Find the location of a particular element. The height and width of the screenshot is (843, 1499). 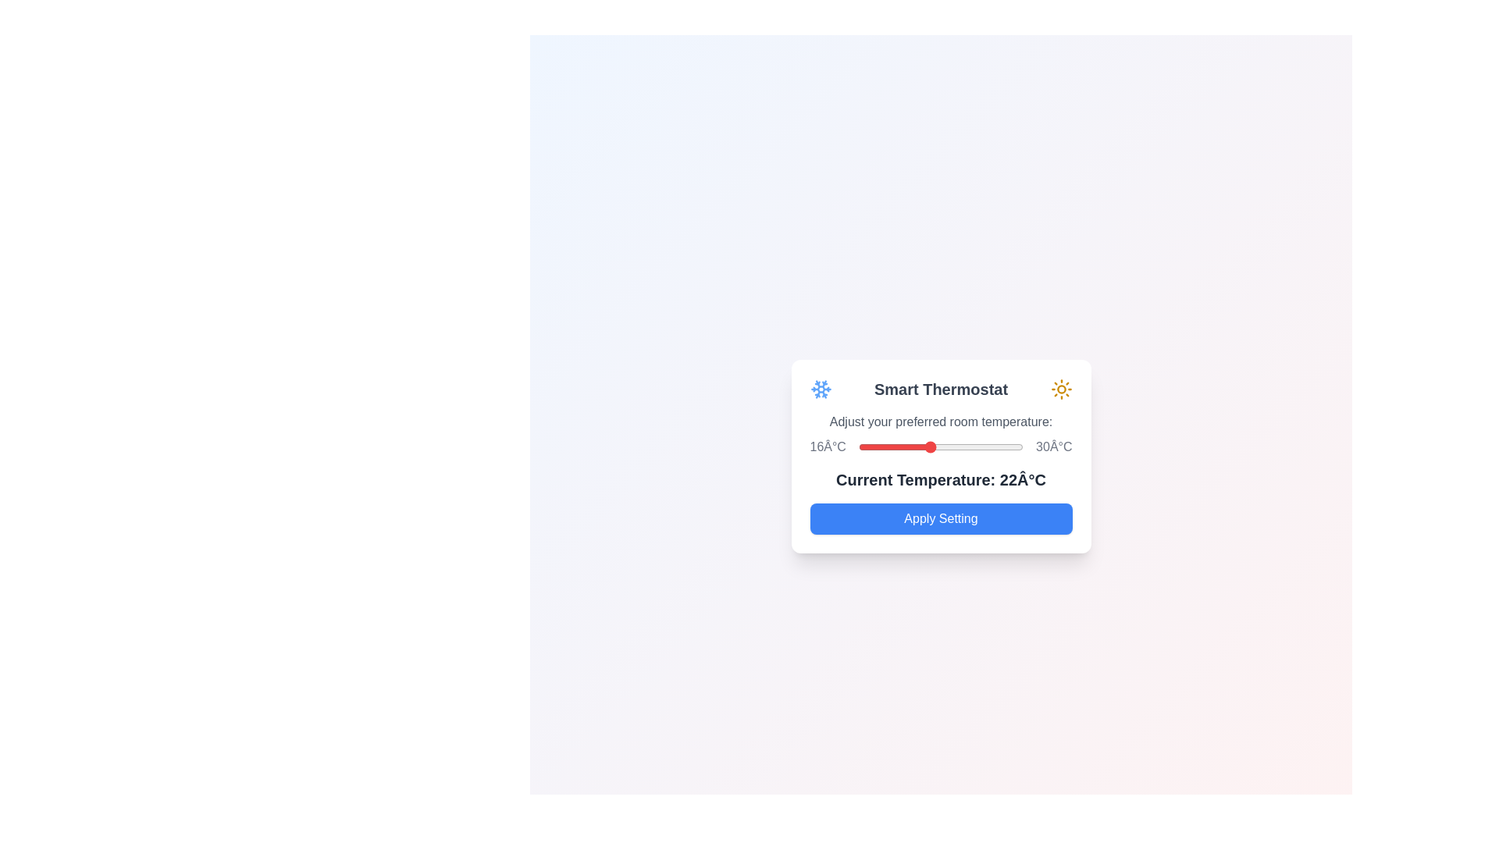

the temperature slider to set the temperature to 17°C is located at coordinates (869, 447).